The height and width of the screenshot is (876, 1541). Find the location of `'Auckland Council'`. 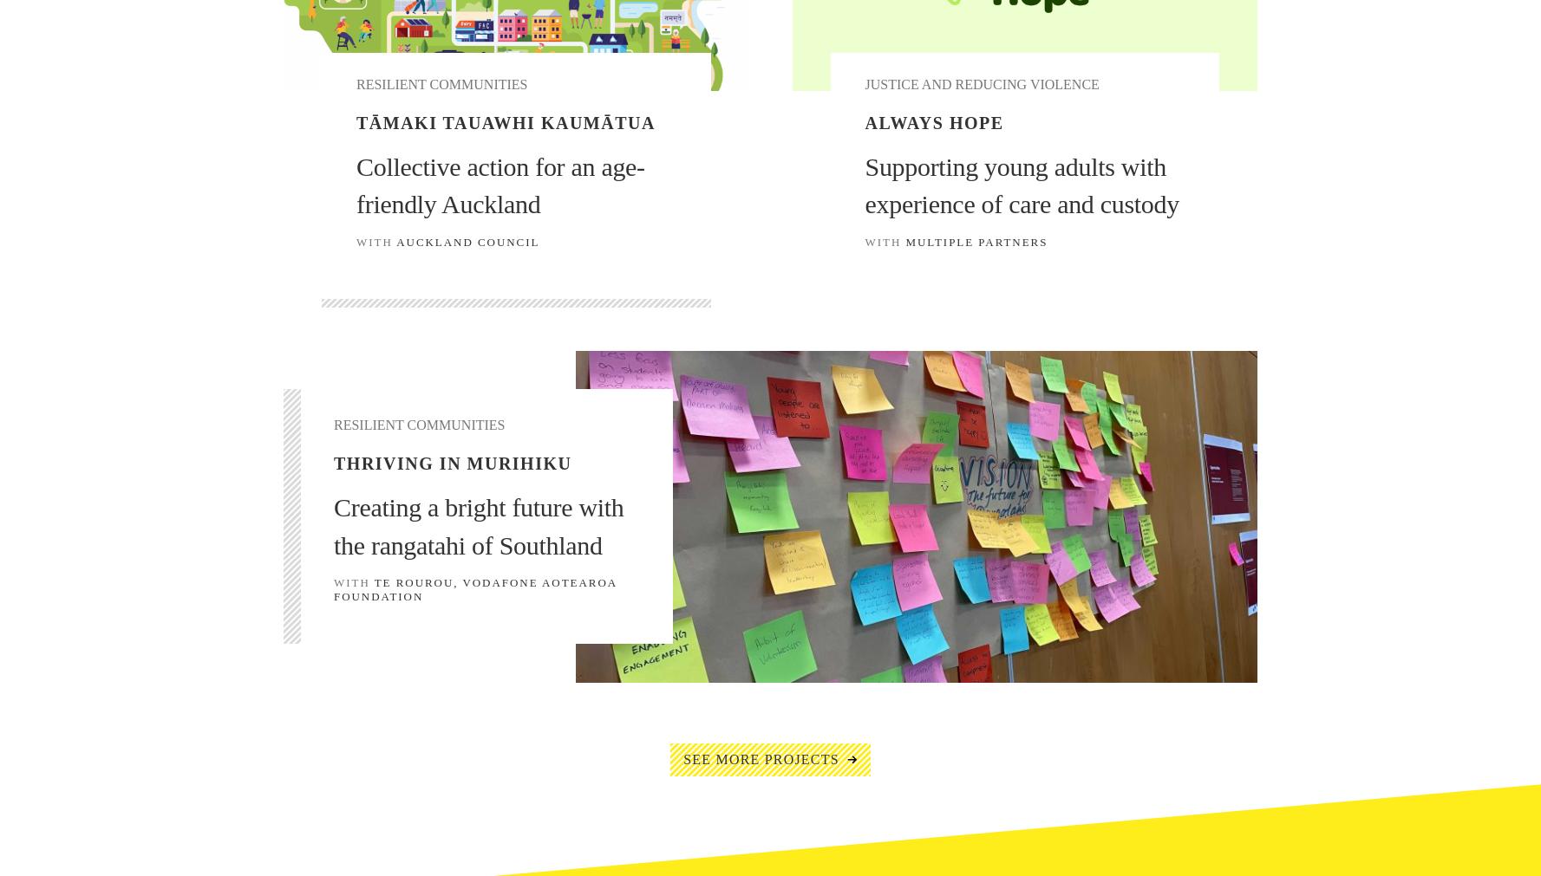

'Auckland Council' is located at coordinates (467, 241).